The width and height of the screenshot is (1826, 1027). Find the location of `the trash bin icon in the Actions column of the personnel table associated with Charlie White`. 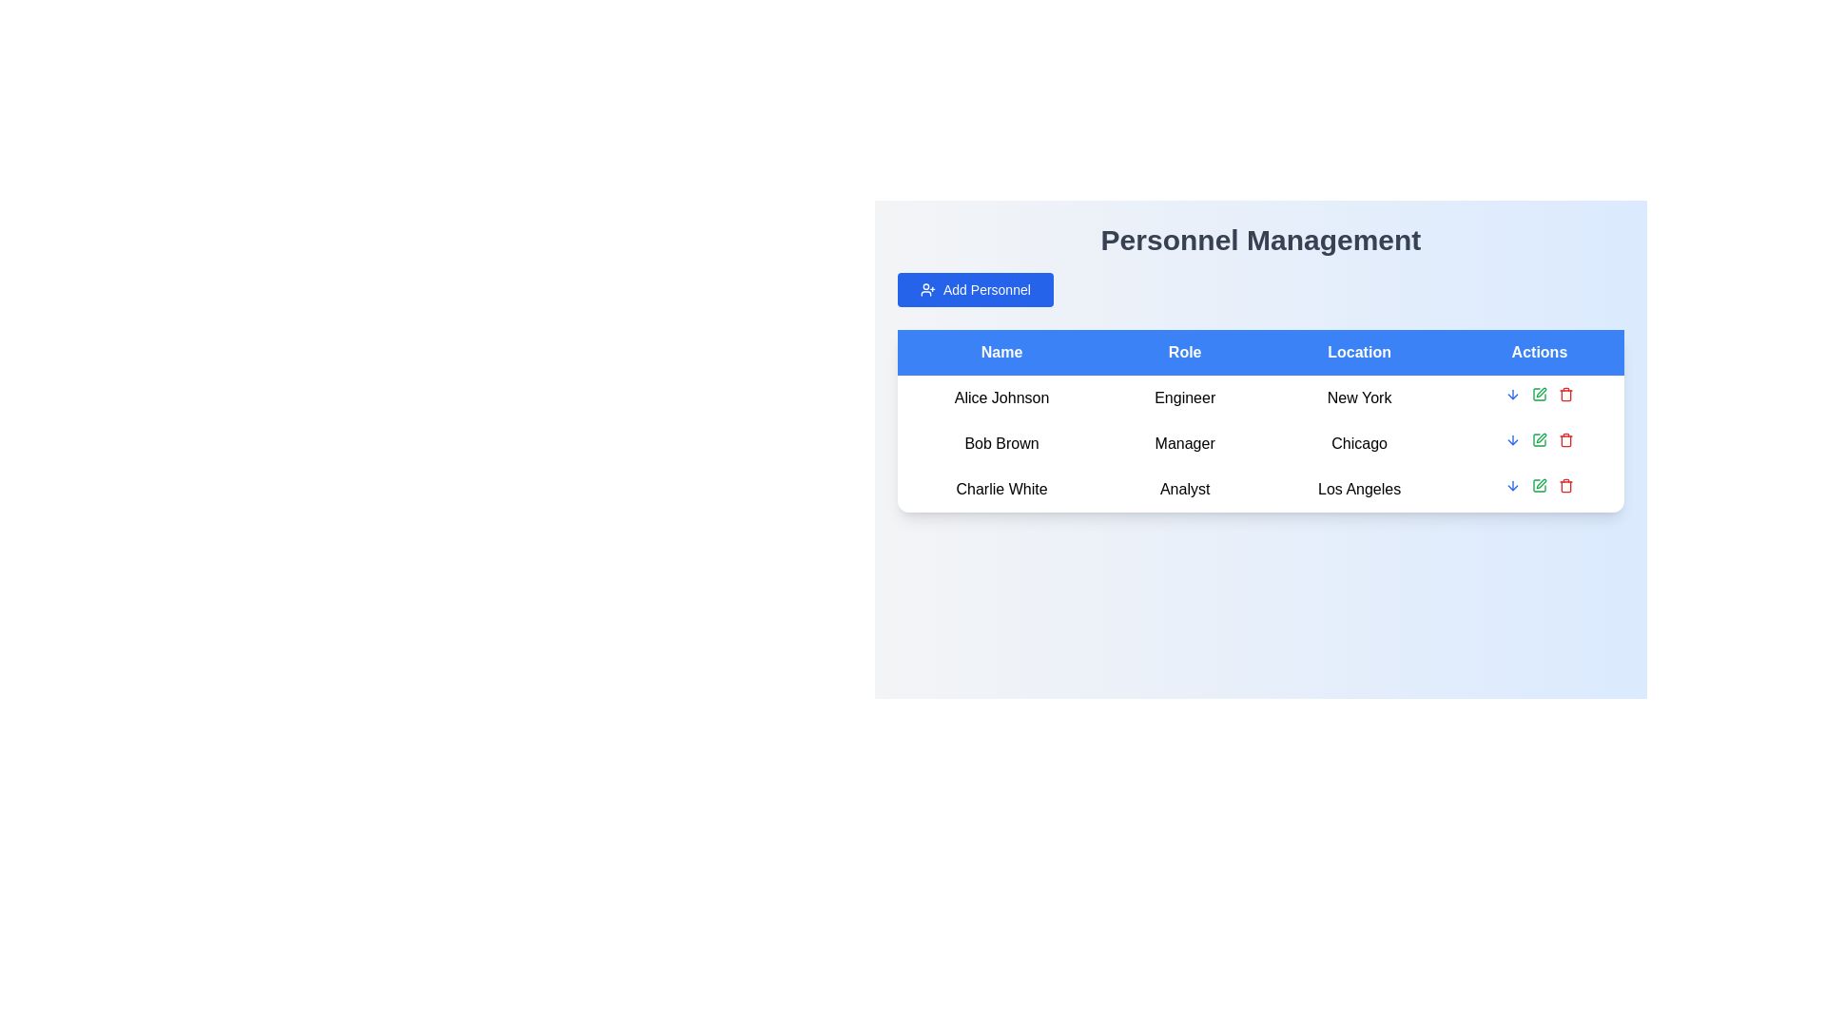

the trash bin icon in the Actions column of the personnel table associated with Charlie White is located at coordinates (1565, 486).